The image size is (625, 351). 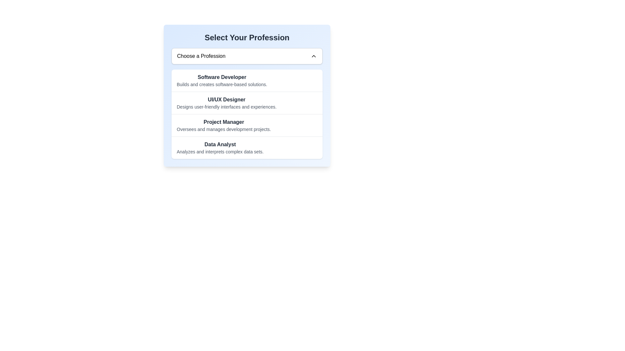 What do you see at coordinates (224, 122) in the screenshot?
I see `the text label indicating a professional role or title, which is the third item in a vertical list of professions located centrally in the layout` at bounding box center [224, 122].